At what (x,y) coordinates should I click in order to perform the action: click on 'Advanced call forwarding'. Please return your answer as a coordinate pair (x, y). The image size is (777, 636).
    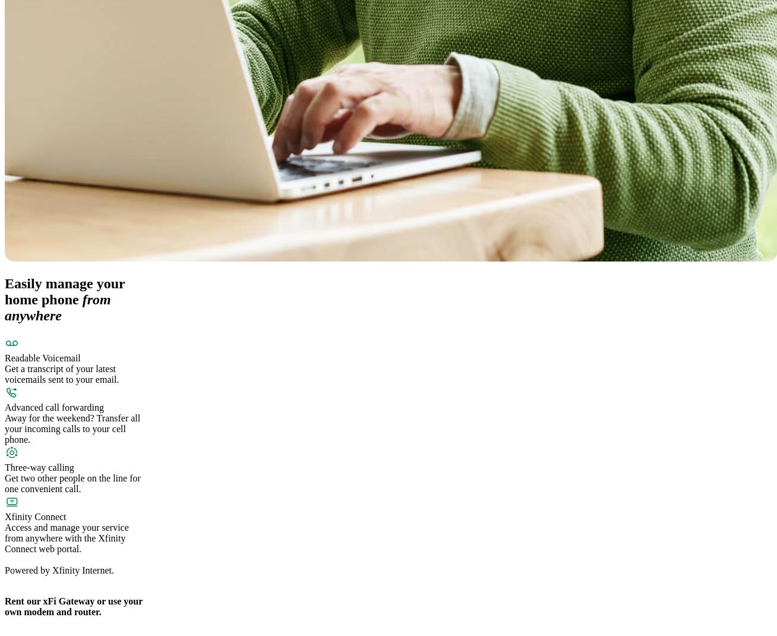
    Looking at the image, I should click on (53, 407).